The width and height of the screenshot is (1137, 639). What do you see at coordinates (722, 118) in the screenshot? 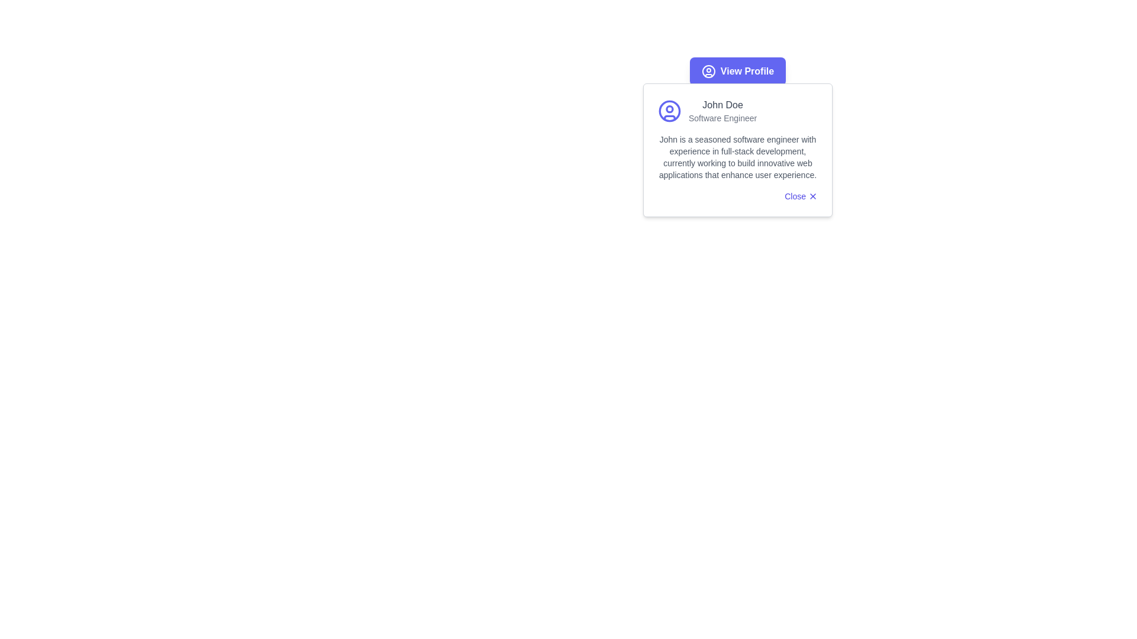
I see `text label displaying 'Software Engineer' which is styled in a small, gray font and located directly below the name 'John Doe' within a boxed card interface` at bounding box center [722, 118].